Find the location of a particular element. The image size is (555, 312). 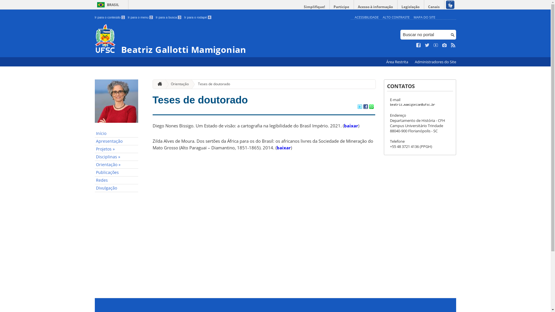

'ALTO CONTRASTE' is located at coordinates (396, 17).